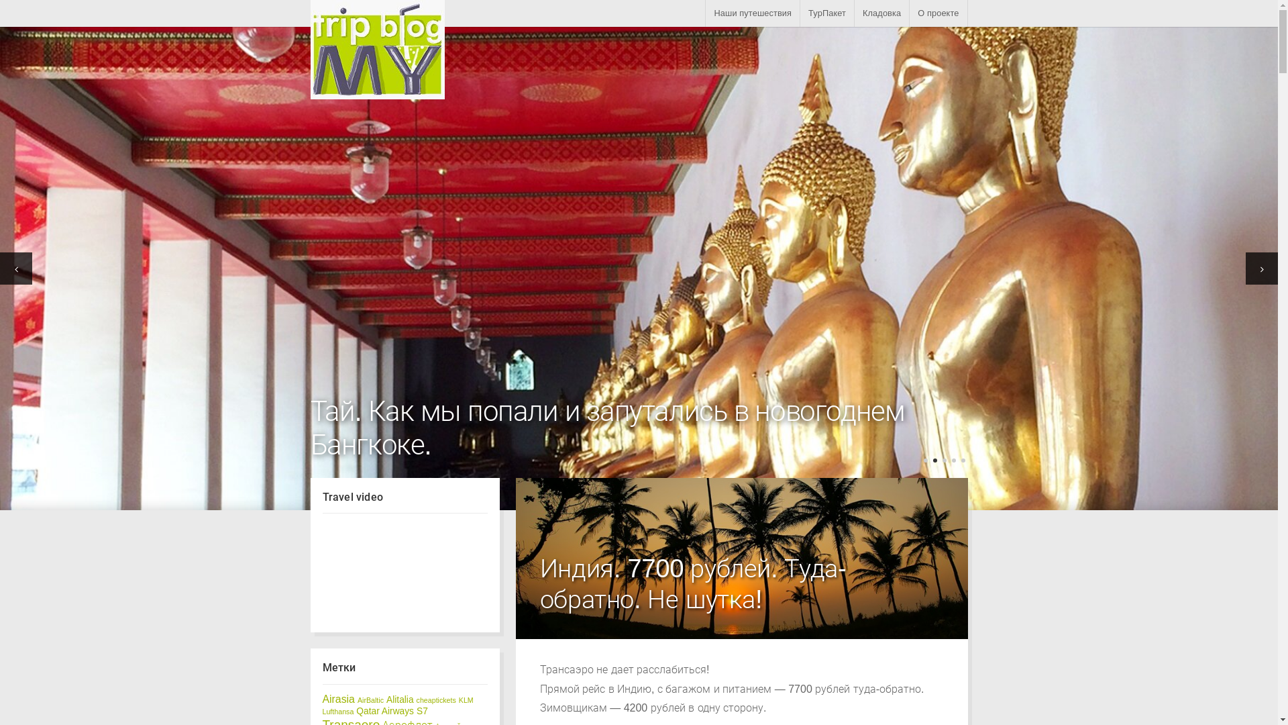  I want to click on '2', so click(933, 460).